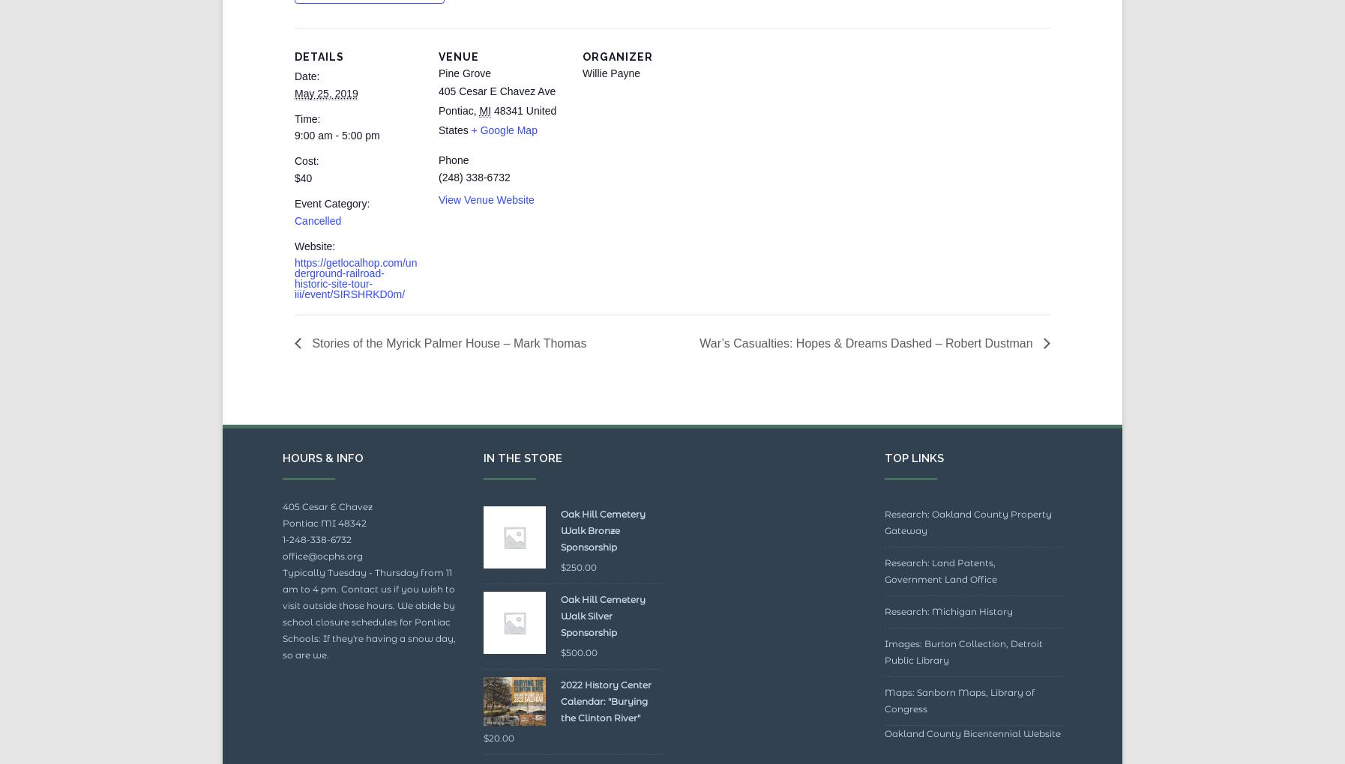 This screenshot has height=764, width=1345. I want to click on 'Organizer', so click(617, 90).